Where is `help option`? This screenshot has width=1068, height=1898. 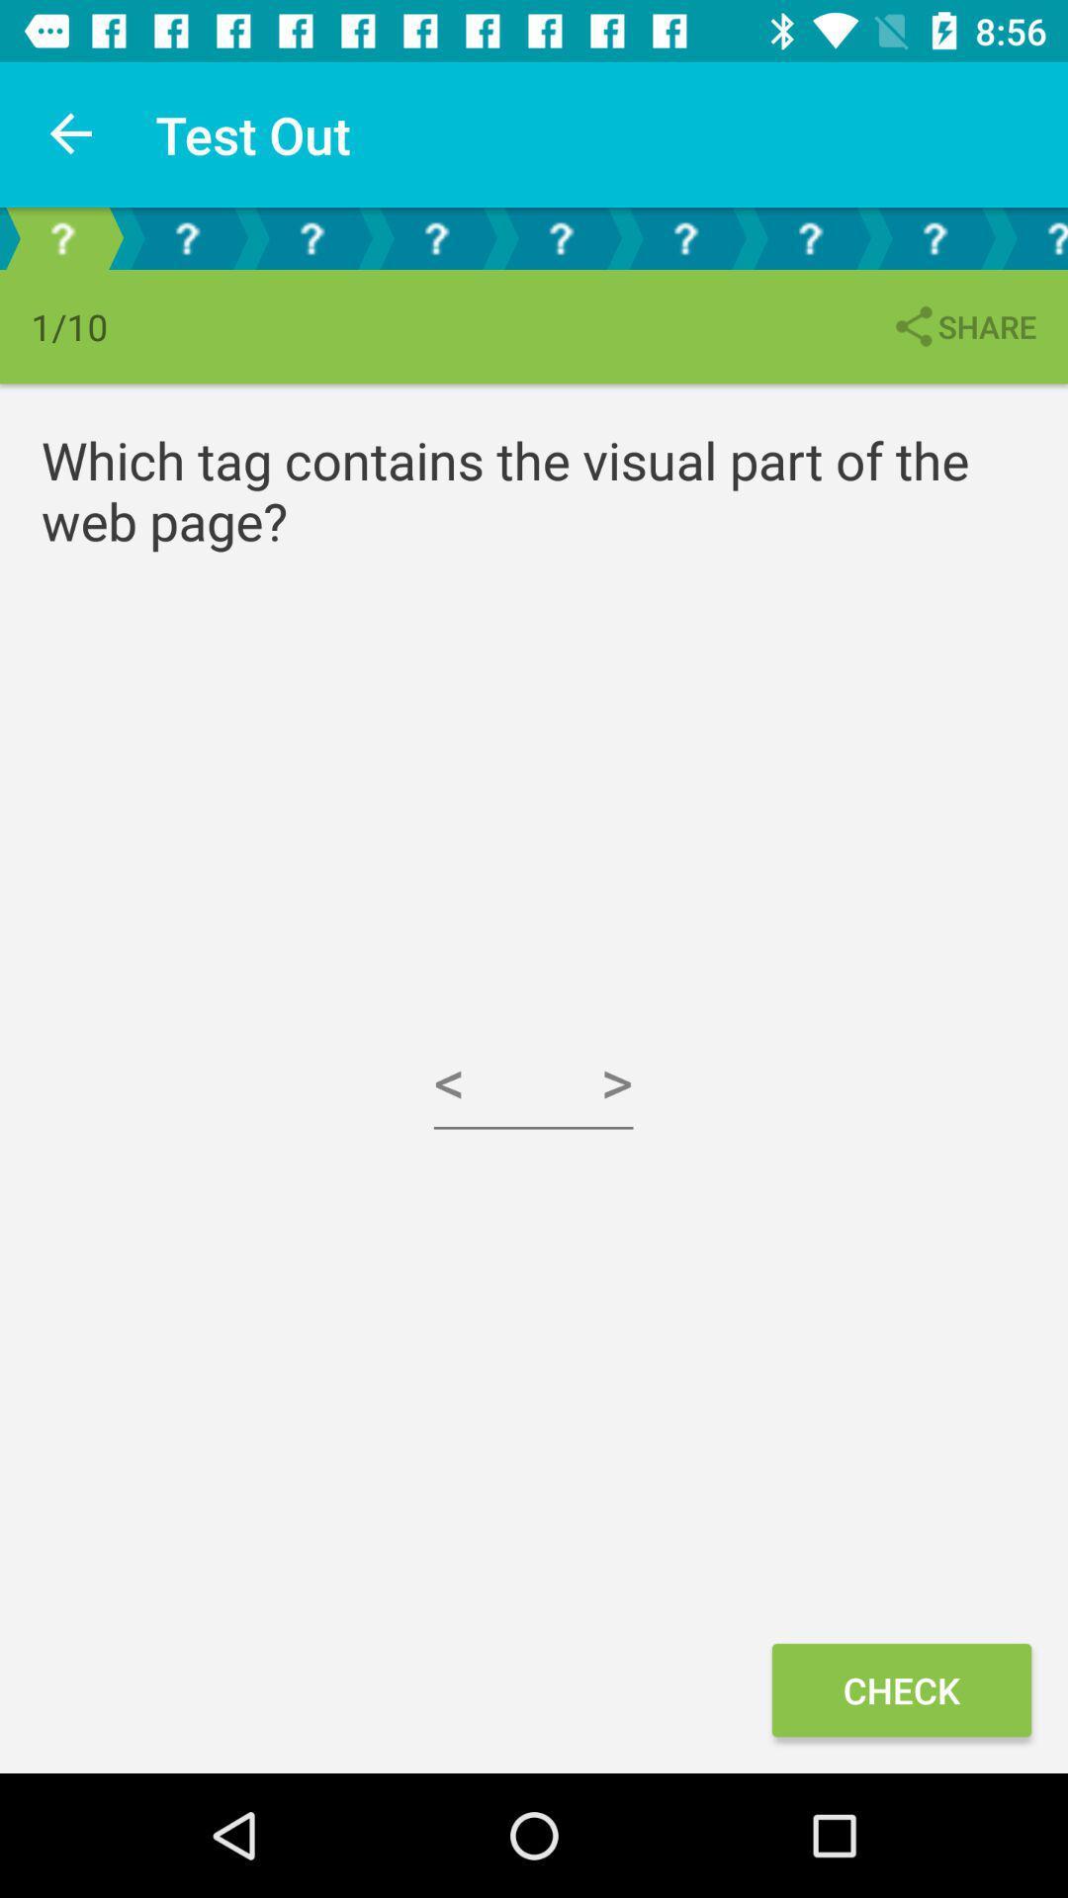 help option is located at coordinates (187, 237).